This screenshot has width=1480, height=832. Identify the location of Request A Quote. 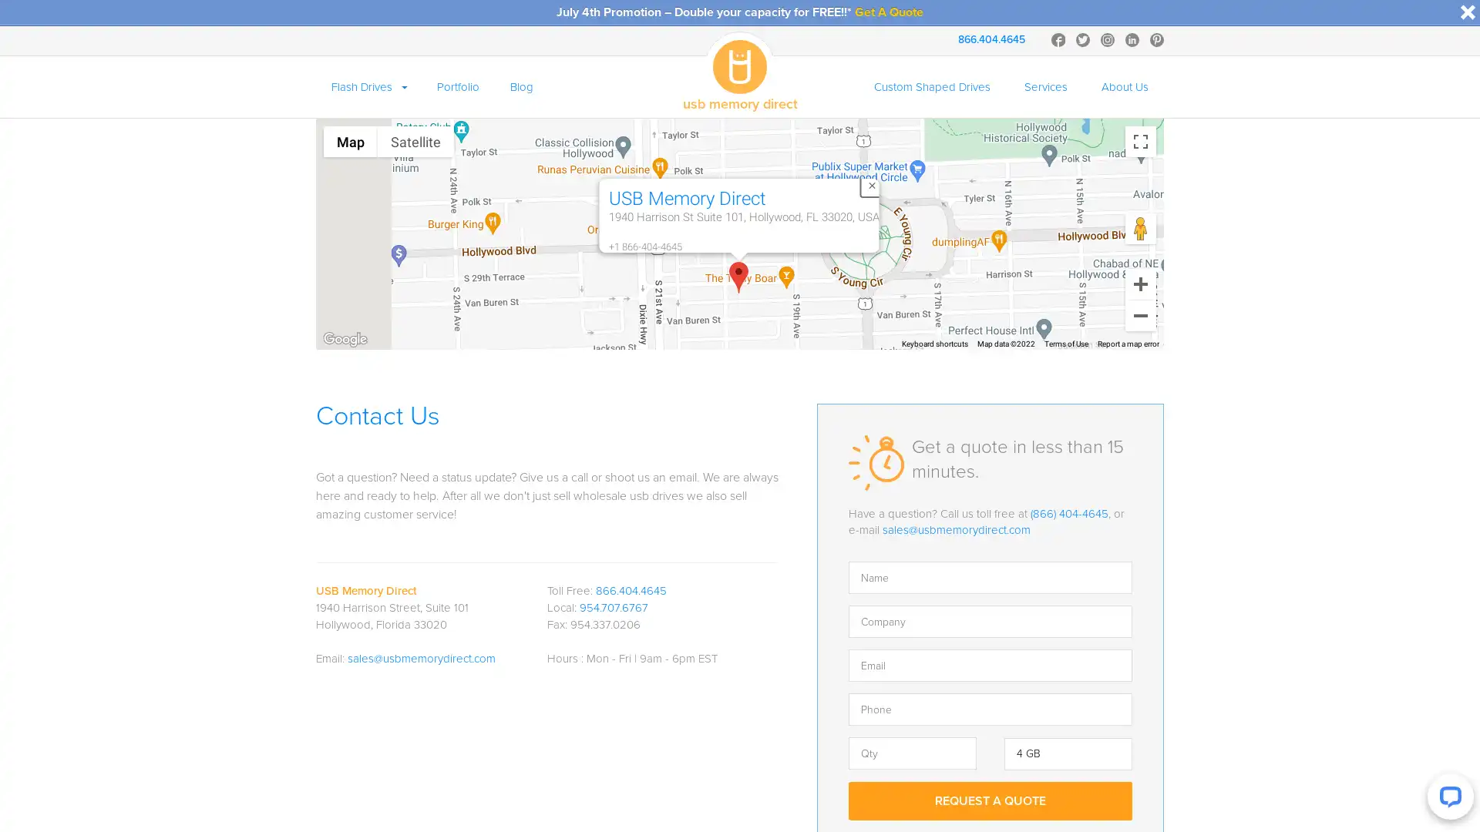
(991, 799).